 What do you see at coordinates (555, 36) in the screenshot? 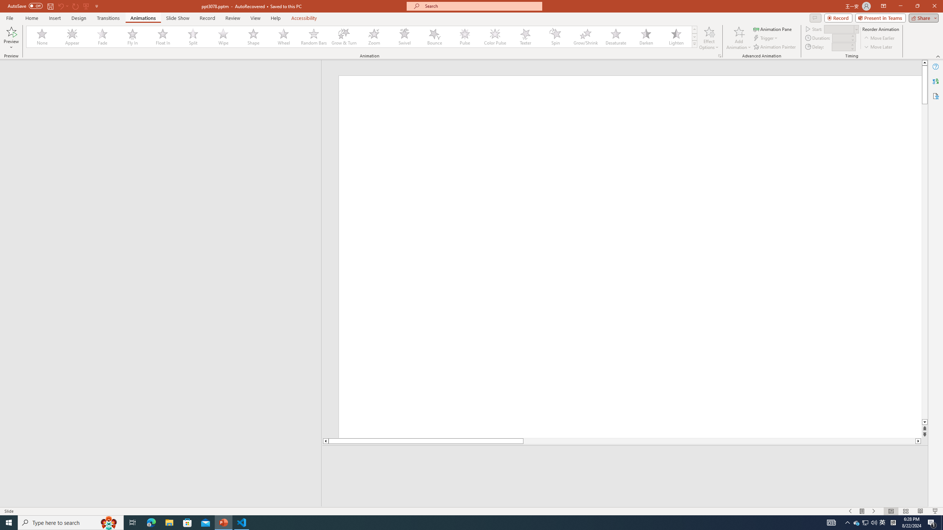
I see `'Spin'` at bounding box center [555, 36].